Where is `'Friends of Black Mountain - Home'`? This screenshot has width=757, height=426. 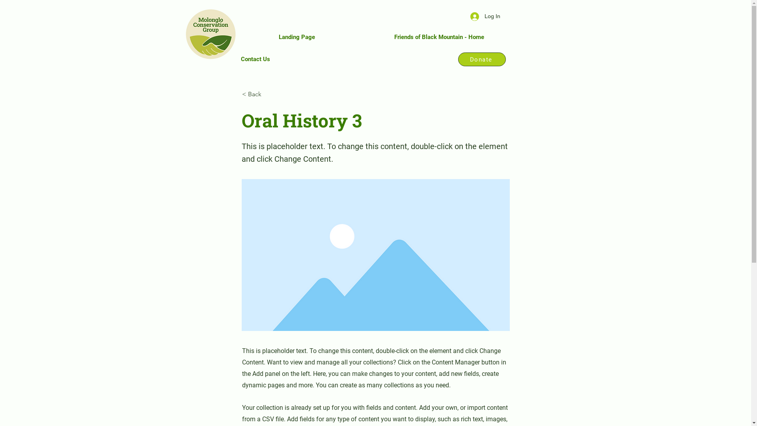
'Friends of Black Mountain - Home' is located at coordinates (439, 37).